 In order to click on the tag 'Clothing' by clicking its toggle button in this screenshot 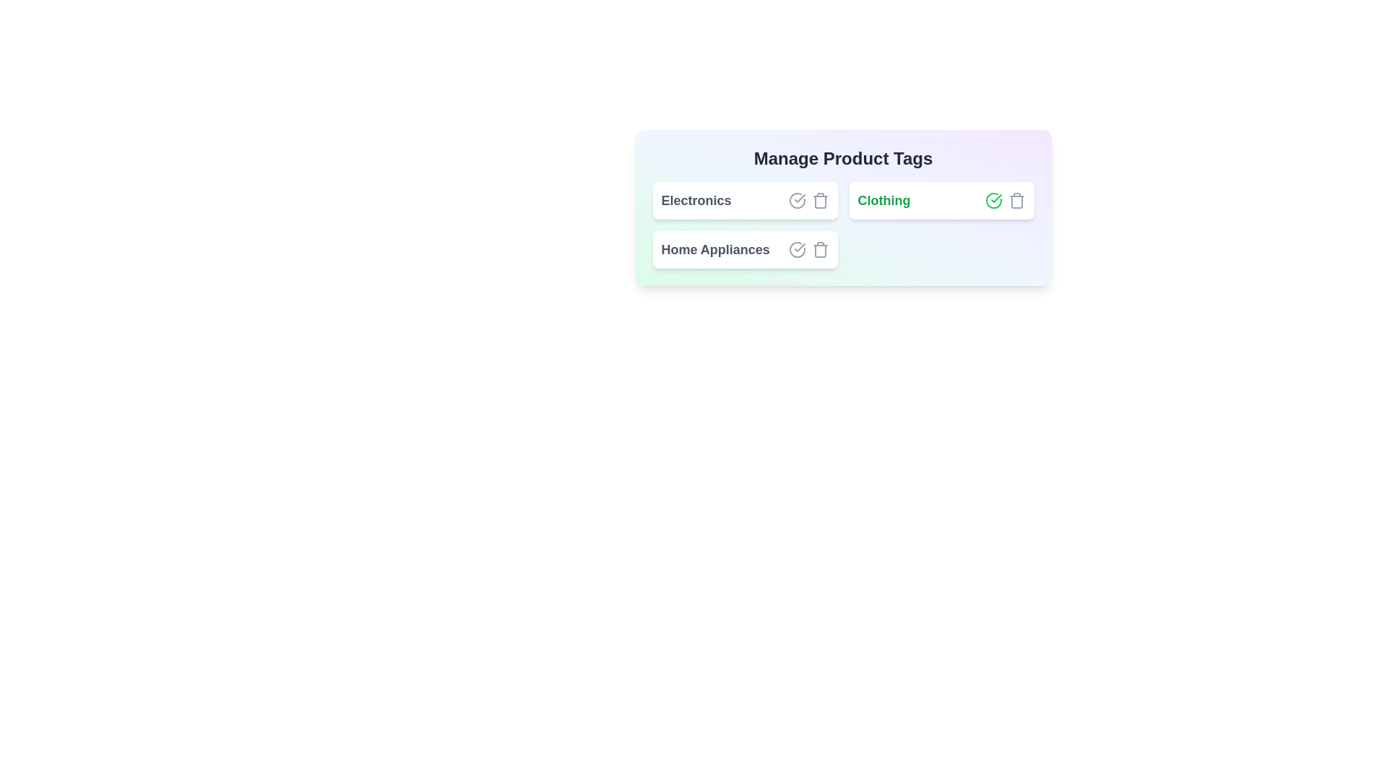, I will do `click(993, 200)`.